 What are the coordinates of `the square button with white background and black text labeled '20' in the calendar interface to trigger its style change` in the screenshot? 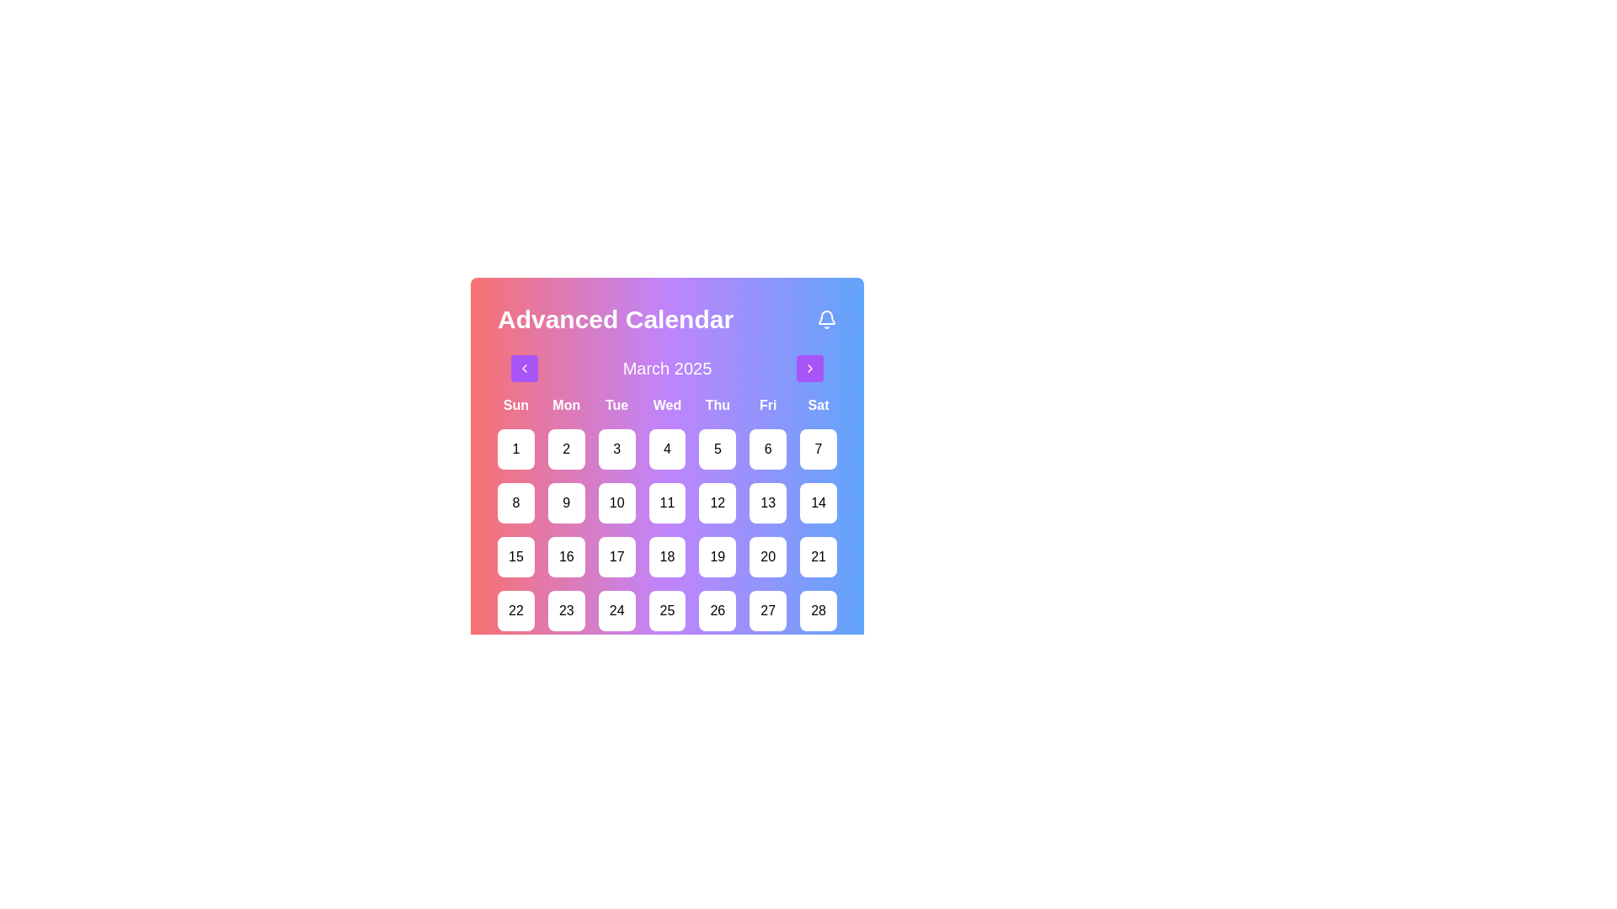 It's located at (767, 557).